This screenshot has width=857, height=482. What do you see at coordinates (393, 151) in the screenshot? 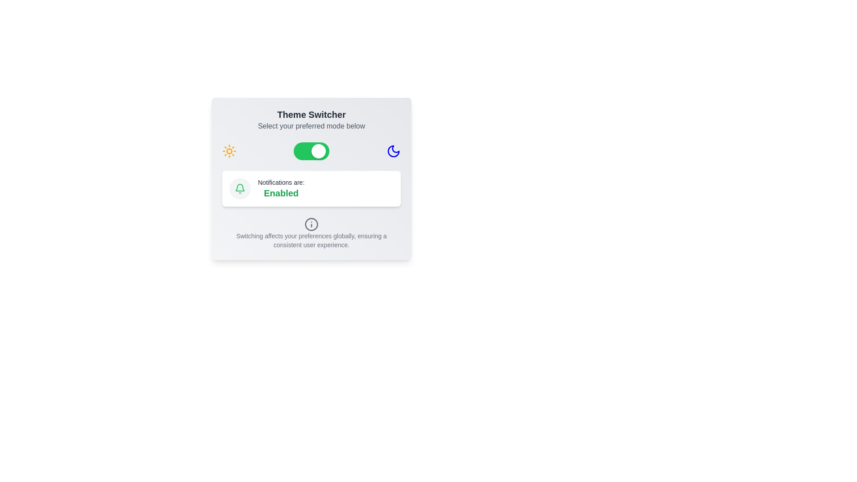
I see `the crescent moon icon with a blue outline, which is located to the right of the theme switcher toggle` at bounding box center [393, 151].